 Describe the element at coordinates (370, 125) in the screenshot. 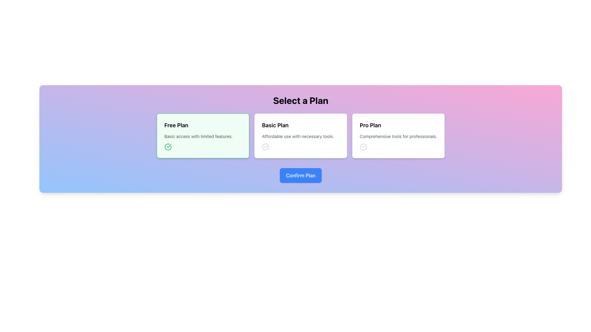

I see `the bold text label 'Pro Plan' located at the top-center of the rightmost card in a set of three cards` at that location.